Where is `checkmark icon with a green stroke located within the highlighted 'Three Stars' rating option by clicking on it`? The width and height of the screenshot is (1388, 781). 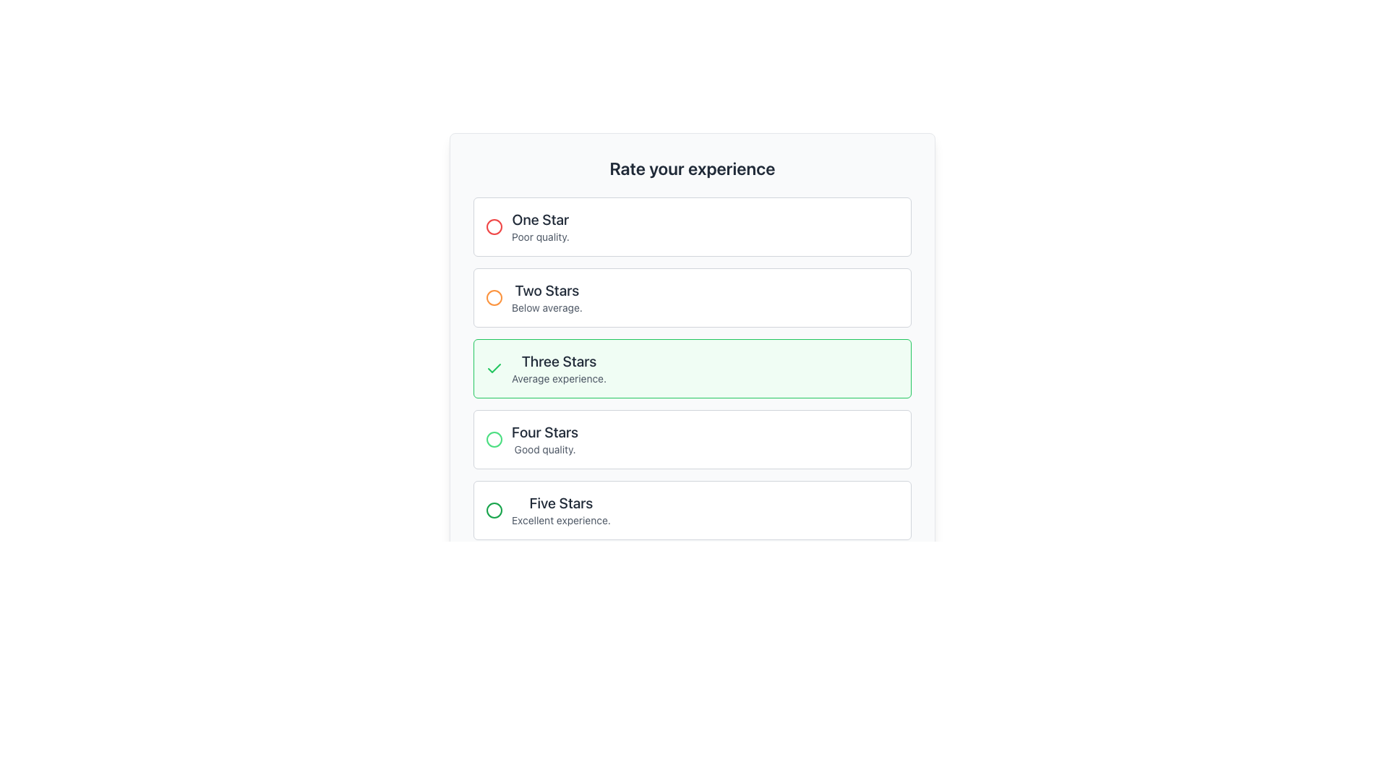 checkmark icon with a green stroke located within the highlighted 'Three Stars' rating option by clicking on it is located at coordinates (494, 367).